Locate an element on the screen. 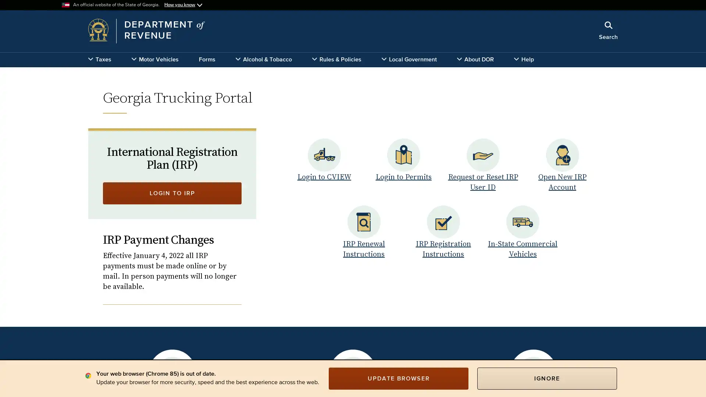 The image size is (706, 397). IGNORE is located at coordinates (547, 378).